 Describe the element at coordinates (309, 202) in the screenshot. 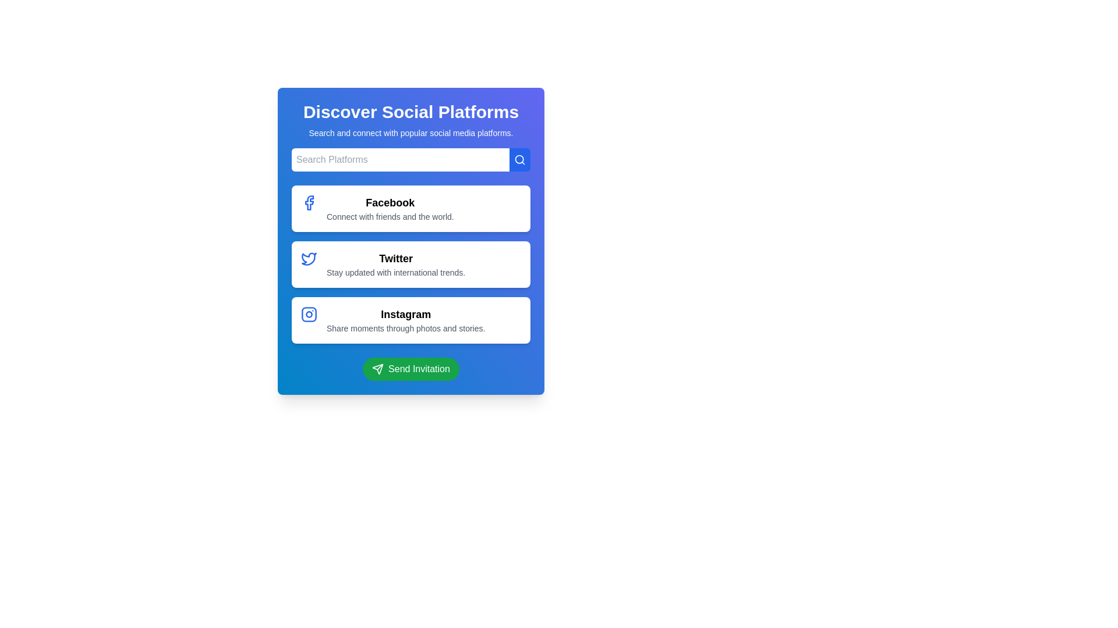

I see `the Facebook icon, which is a visual branding element located in the first row of social platforms, to the left of the text 'Facebook' and above the Twitter icon` at that location.